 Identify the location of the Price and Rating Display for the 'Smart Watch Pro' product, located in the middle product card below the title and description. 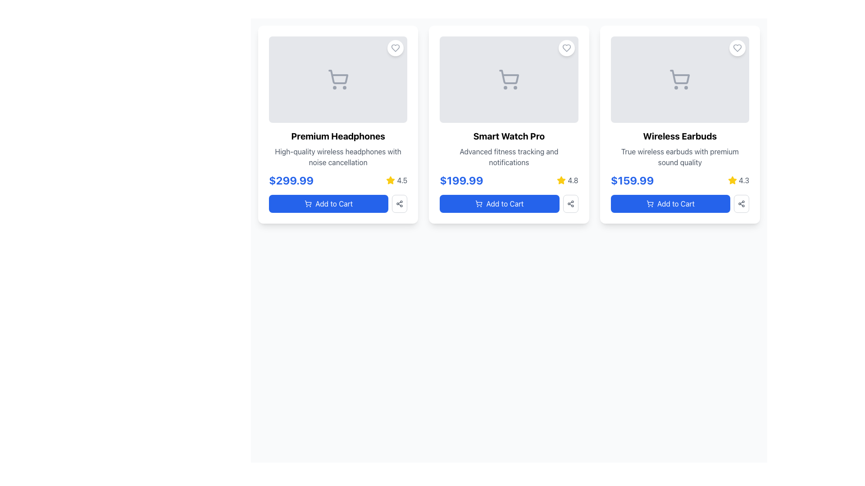
(509, 180).